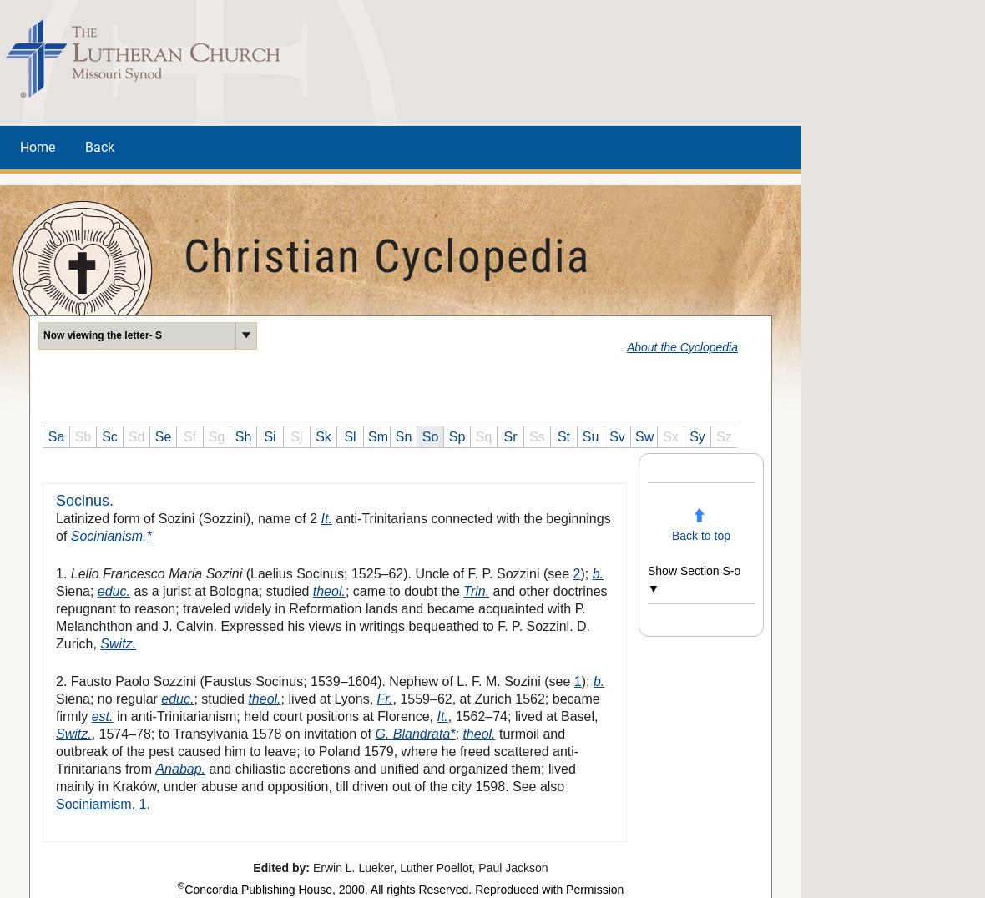 The width and height of the screenshot is (985, 898). What do you see at coordinates (145, 803) in the screenshot?
I see `'.'` at bounding box center [145, 803].